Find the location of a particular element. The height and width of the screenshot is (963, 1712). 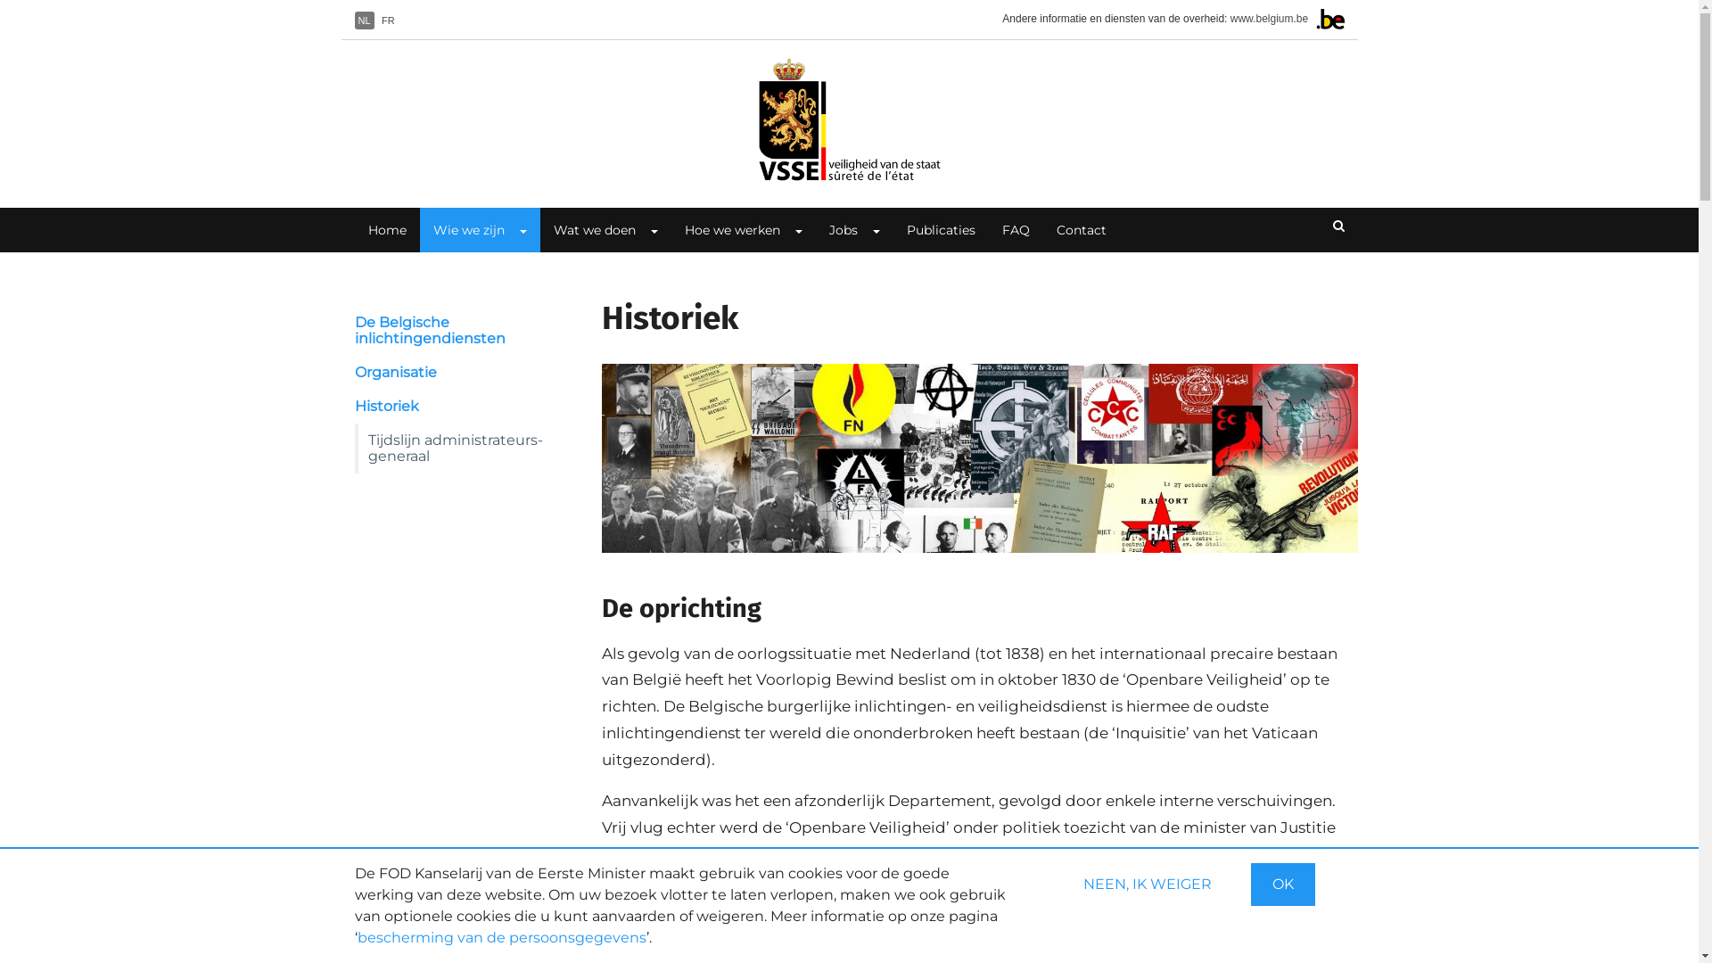

'Historiek' is located at coordinates (457, 406).